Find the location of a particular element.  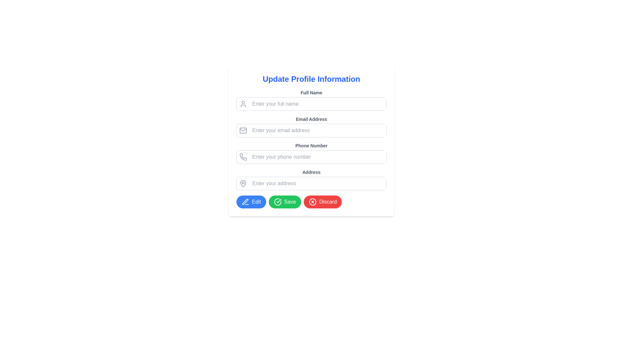

the 'Discard' button, which is a rounded rectangular button with a vivid red background and white text, located at the bottom of the form, to discard changes is located at coordinates (323, 201).